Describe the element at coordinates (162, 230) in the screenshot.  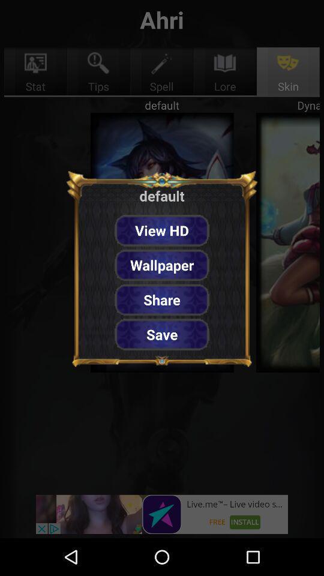
I see `the app below default` at that location.